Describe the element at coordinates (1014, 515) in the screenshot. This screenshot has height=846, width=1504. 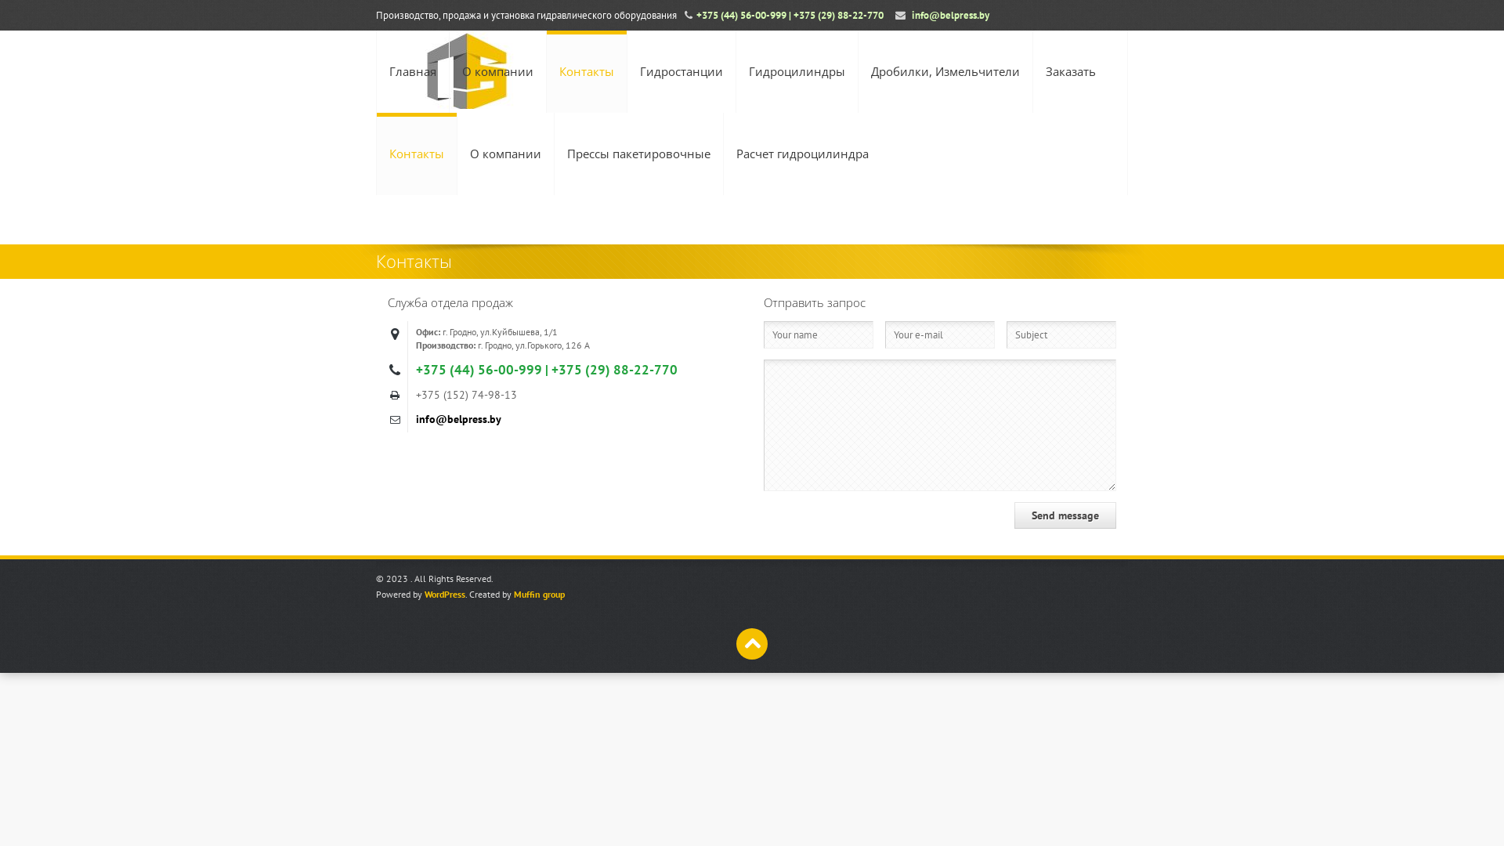
I see `'Send message'` at that location.